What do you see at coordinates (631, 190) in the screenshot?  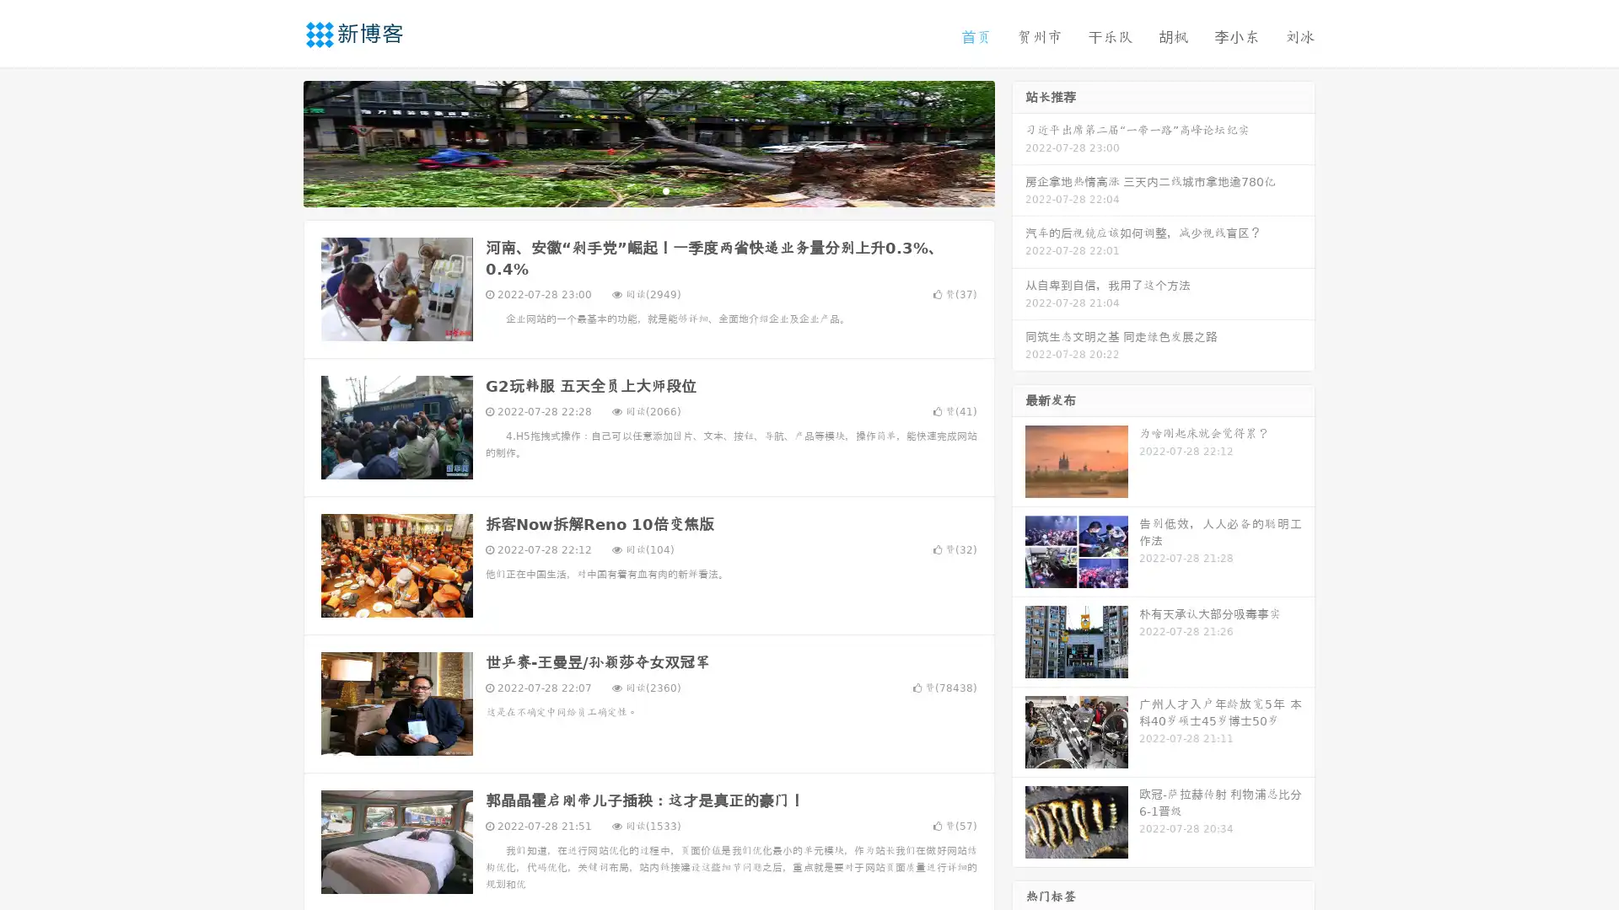 I see `Go to slide 1` at bounding box center [631, 190].